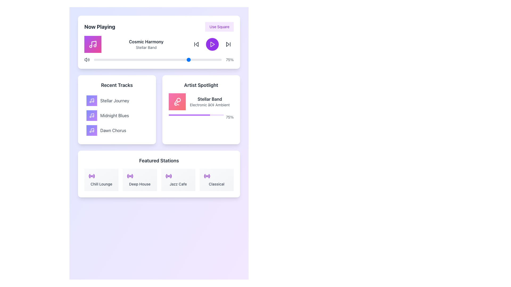 This screenshot has height=287, width=511. Describe the element at coordinates (201, 117) in the screenshot. I see `the progress bar displaying '75%' in the 'Artist Spotlight' section underneath 'Stellar Band' and 'Electronic Ambient'` at that location.